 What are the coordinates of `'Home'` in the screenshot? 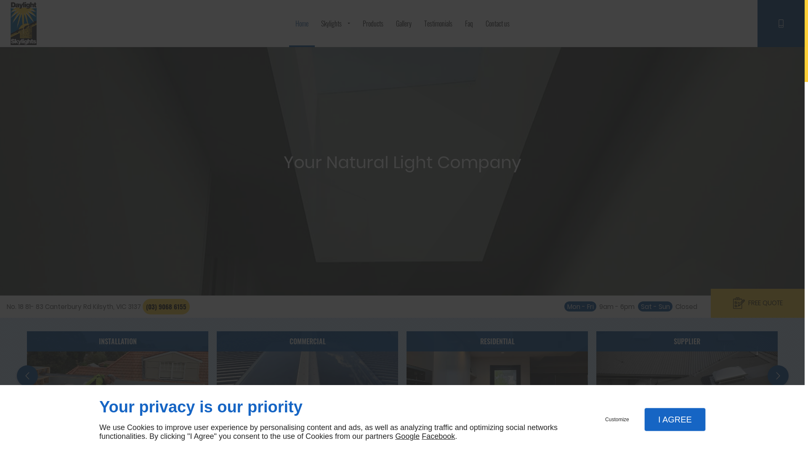 It's located at (301, 23).